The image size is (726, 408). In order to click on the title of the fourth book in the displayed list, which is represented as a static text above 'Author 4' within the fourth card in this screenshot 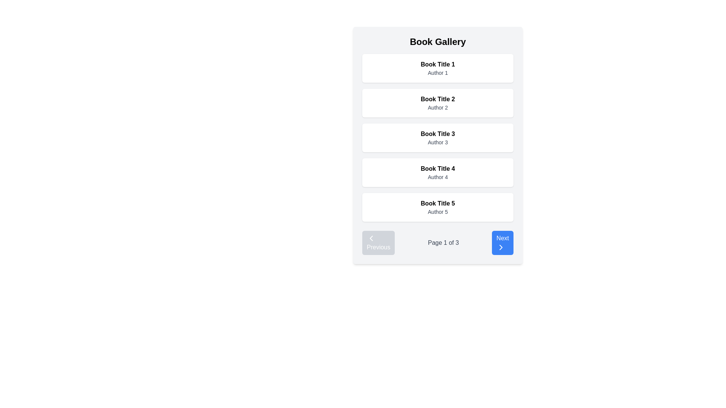, I will do `click(437, 168)`.